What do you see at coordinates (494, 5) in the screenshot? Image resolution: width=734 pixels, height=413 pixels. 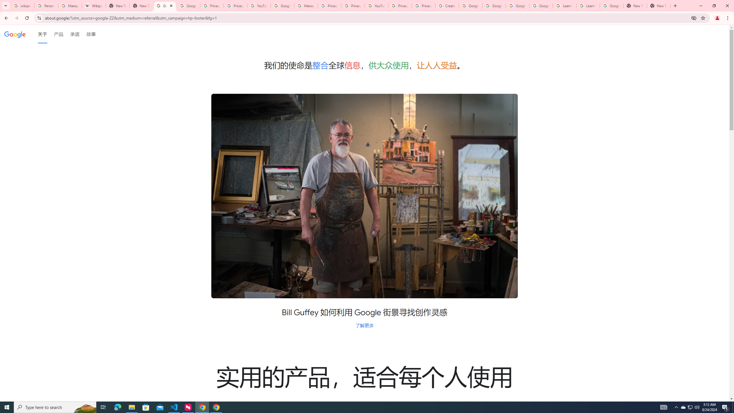 I see `'Google Account Help'` at bounding box center [494, 5].